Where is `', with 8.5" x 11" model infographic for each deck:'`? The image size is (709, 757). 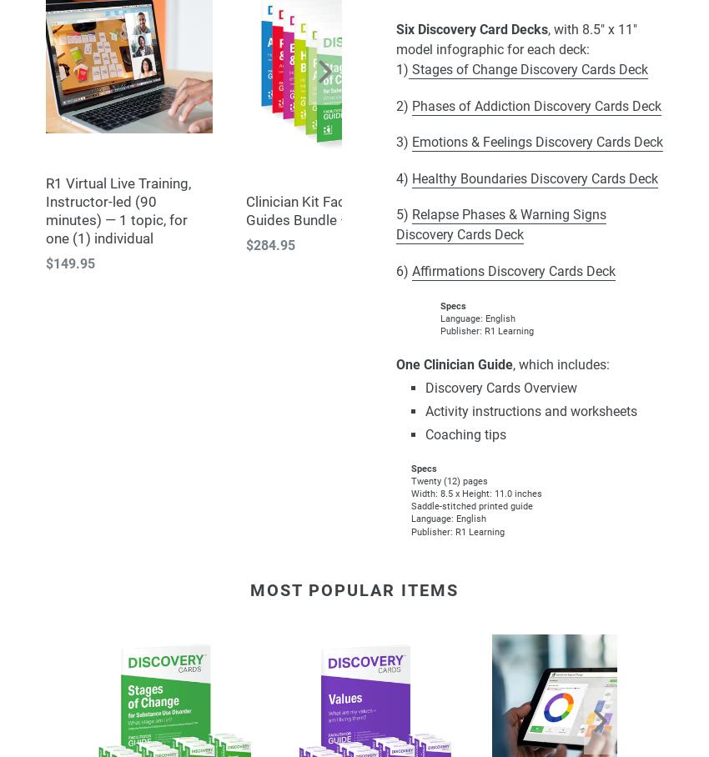
', with 8.5" x 11" model infographic for each deck:' is located at coordinates (515, 39).